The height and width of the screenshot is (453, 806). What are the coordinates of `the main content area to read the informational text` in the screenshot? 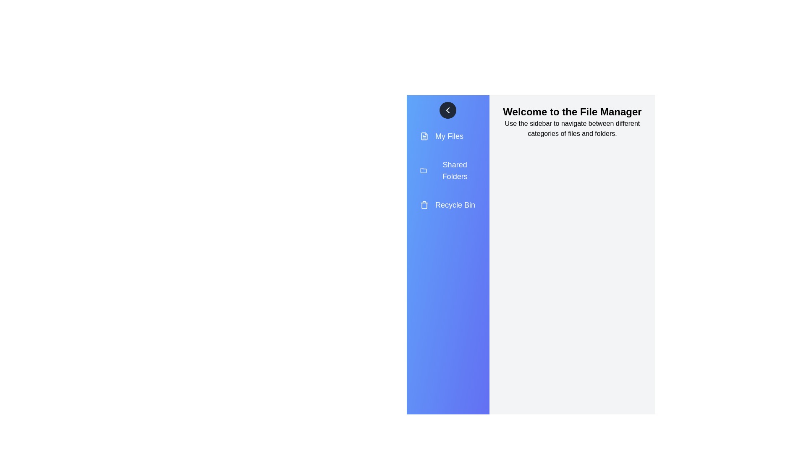 It's located at (572, 129).